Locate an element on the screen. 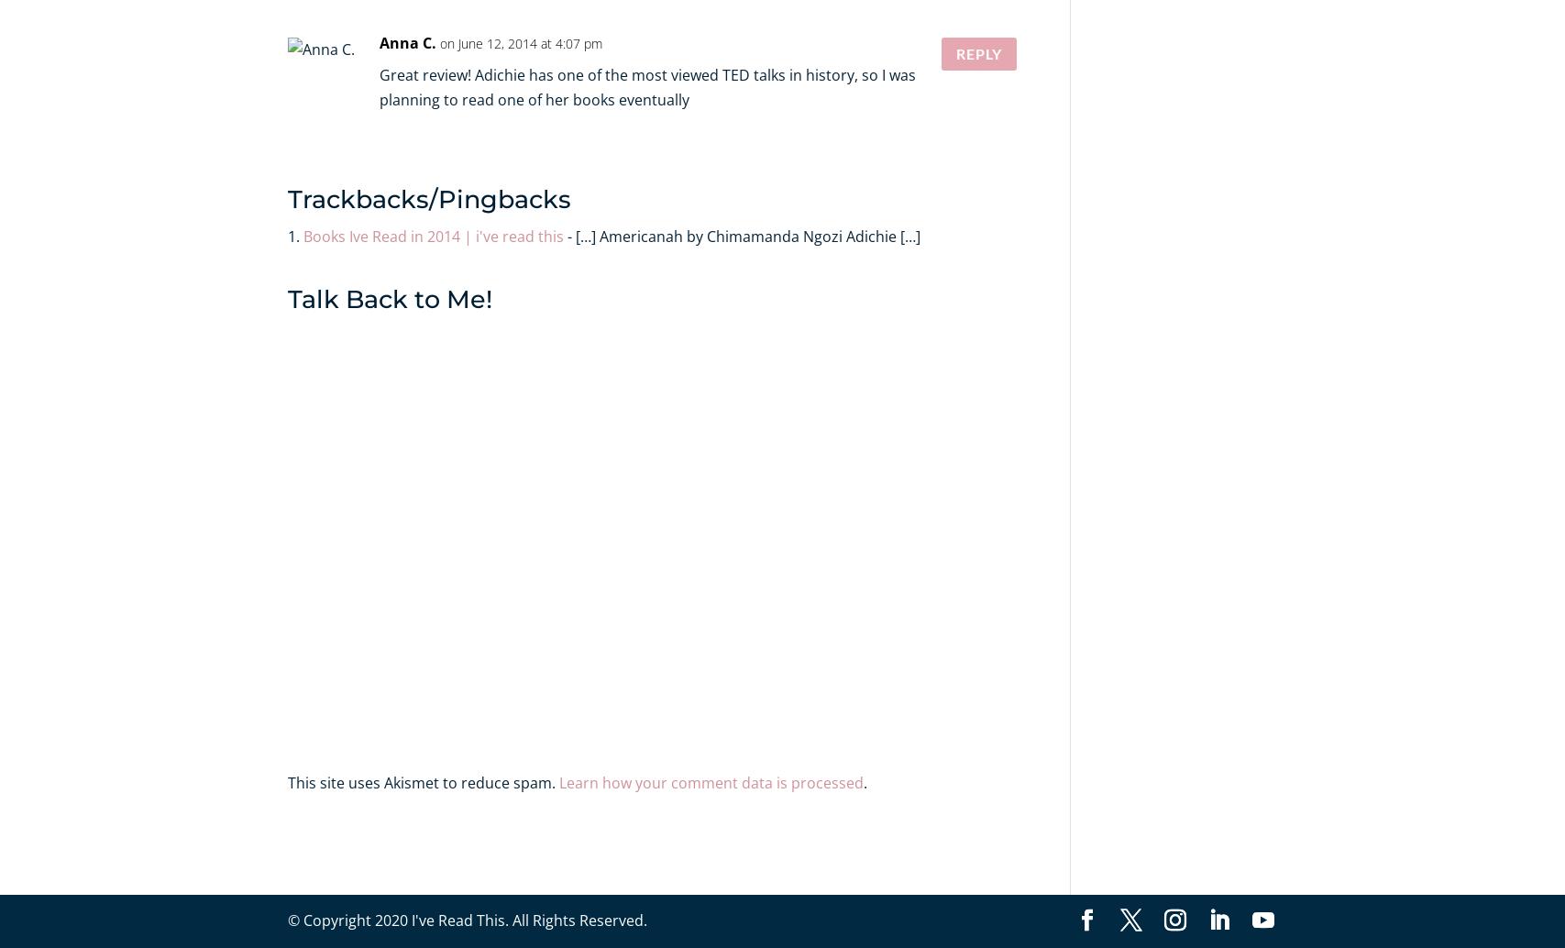  'Anna C.' is located at coordinates (378, 42).